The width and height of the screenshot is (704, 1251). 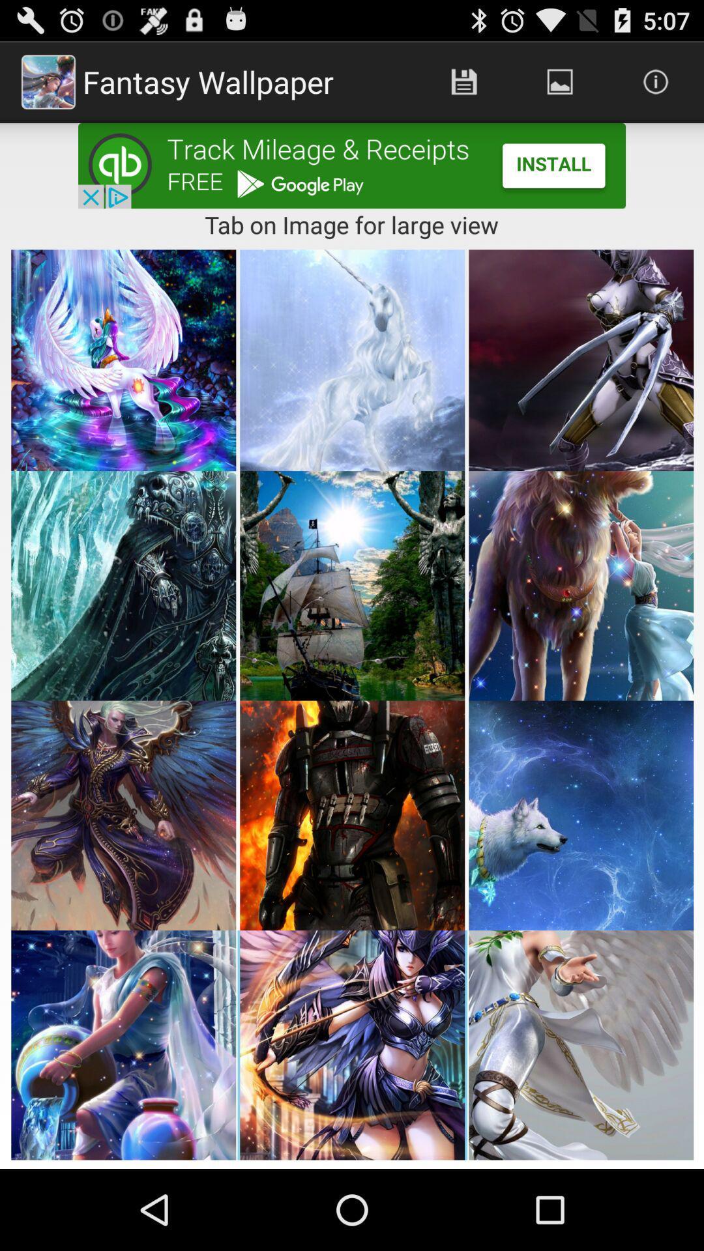 What do you see at coordinates (352, 815) in the screenshot?
I see `8th image from the top` at bounding box center [352, 815].